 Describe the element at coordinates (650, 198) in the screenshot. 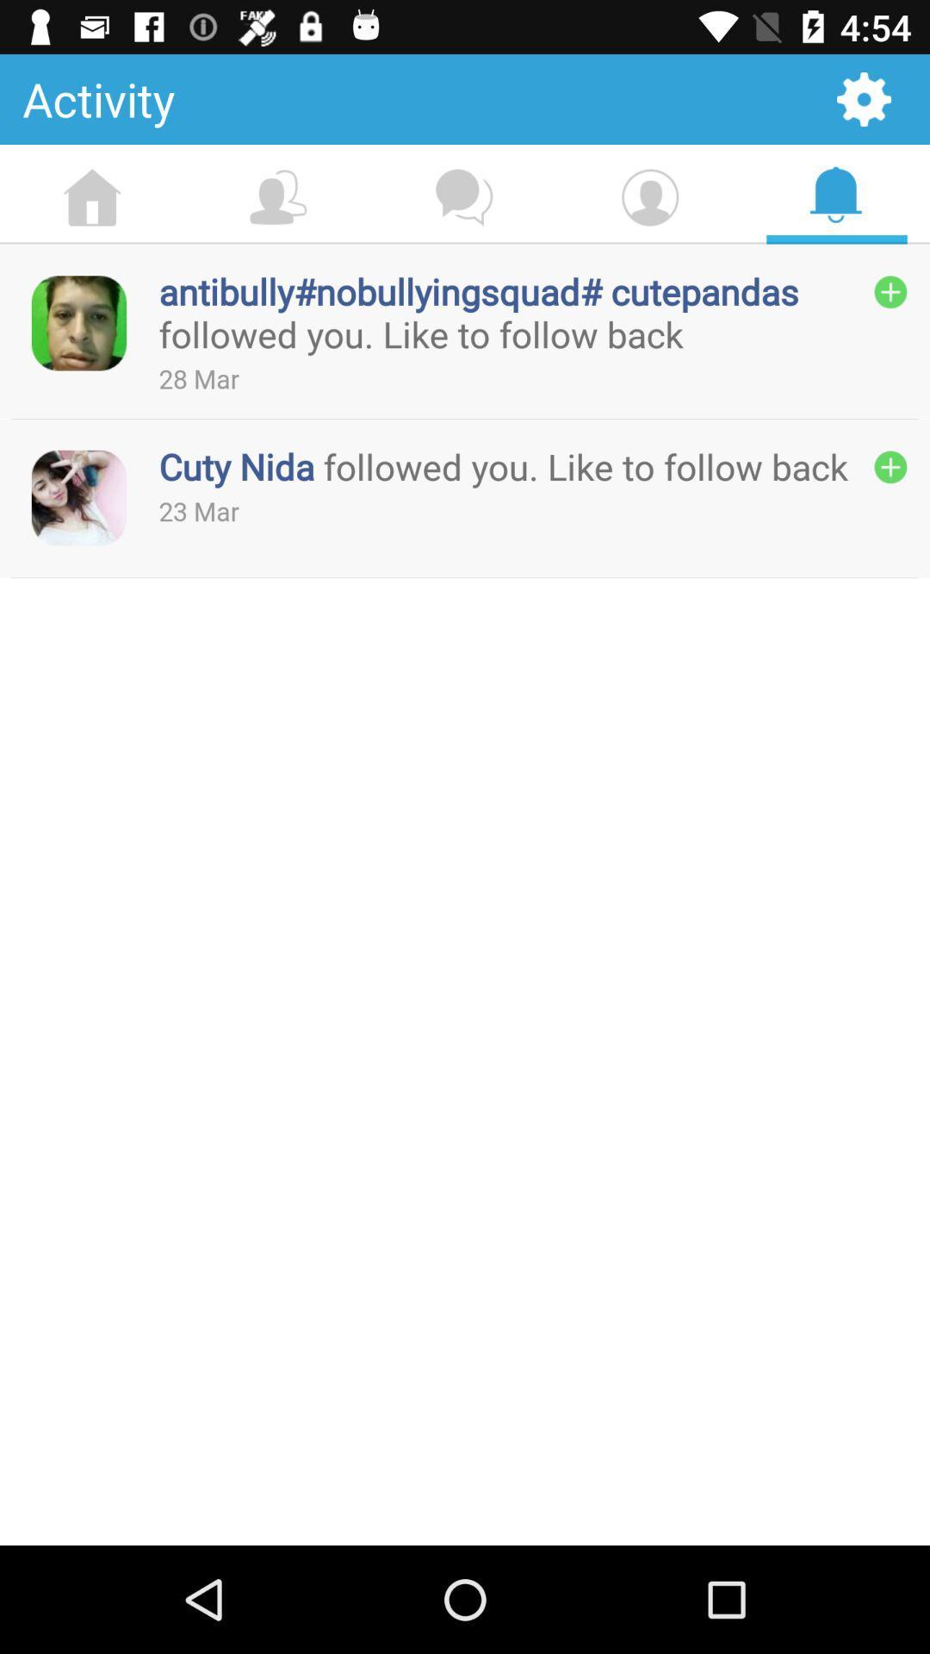

I see `profile image which is in between chat and bell icon` at that location.